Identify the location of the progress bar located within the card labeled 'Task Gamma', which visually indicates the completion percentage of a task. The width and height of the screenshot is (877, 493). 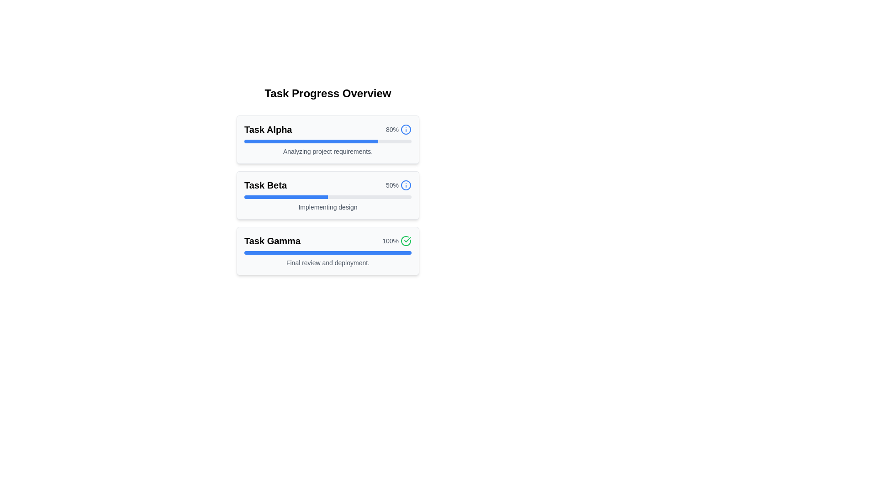
(328, 253).